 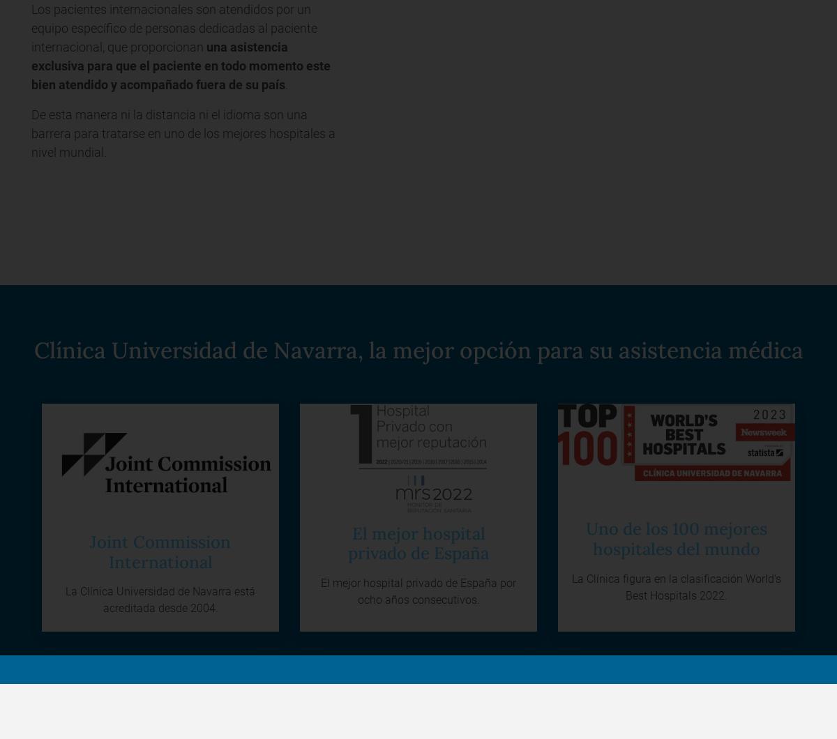 What do you see at coordinates (347, 552) in the screenshot?
I see `'privado de España'` at bounding box center [347, 552].